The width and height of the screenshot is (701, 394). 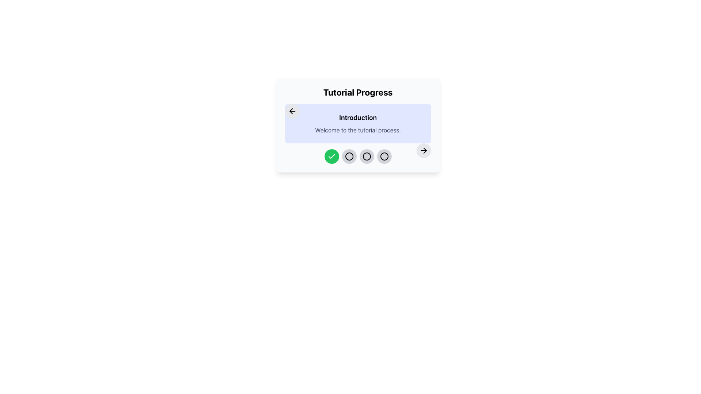 What do you see at coordinates (384, 156) in the screenshot?
I see `the fourth circular button with a gray background and black outline located under the 'Tutorial Progress' section` at bounding box center [384, 156].